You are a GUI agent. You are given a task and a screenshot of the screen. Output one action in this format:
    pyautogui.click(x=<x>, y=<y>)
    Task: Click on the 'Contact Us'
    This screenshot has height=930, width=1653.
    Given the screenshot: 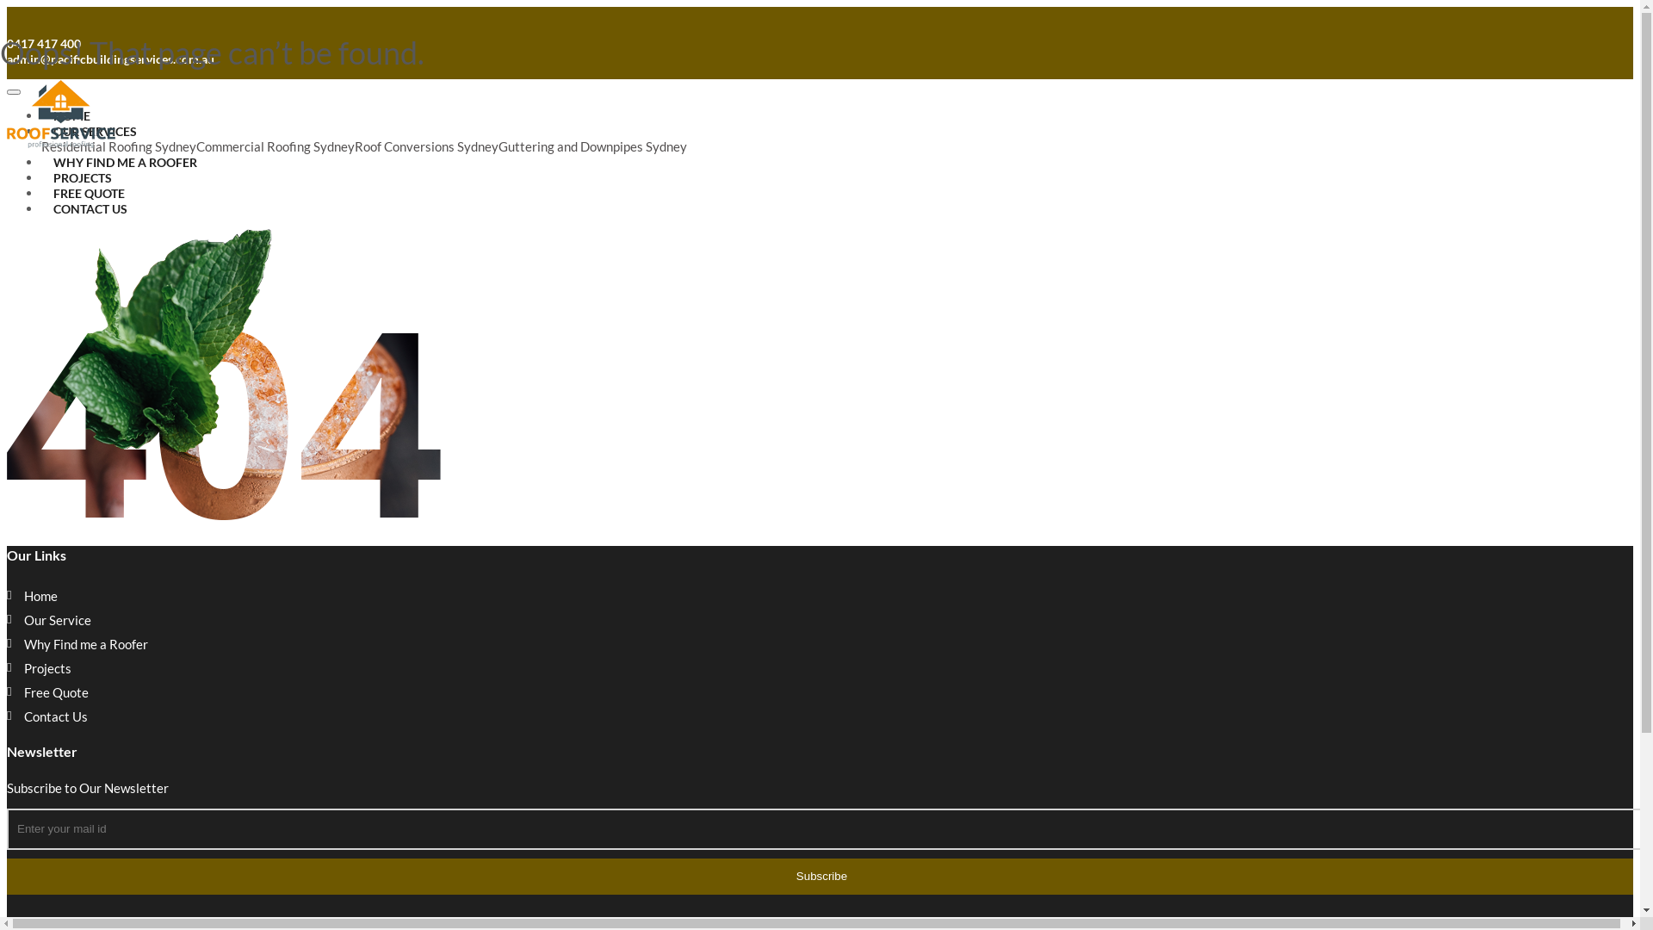 What is the action you would take?
    pyautogui.click(x=56, y=716)
    